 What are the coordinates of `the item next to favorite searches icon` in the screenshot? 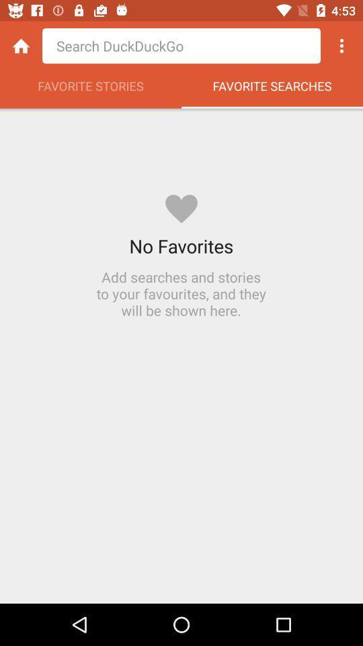 It's located at (91, 89).